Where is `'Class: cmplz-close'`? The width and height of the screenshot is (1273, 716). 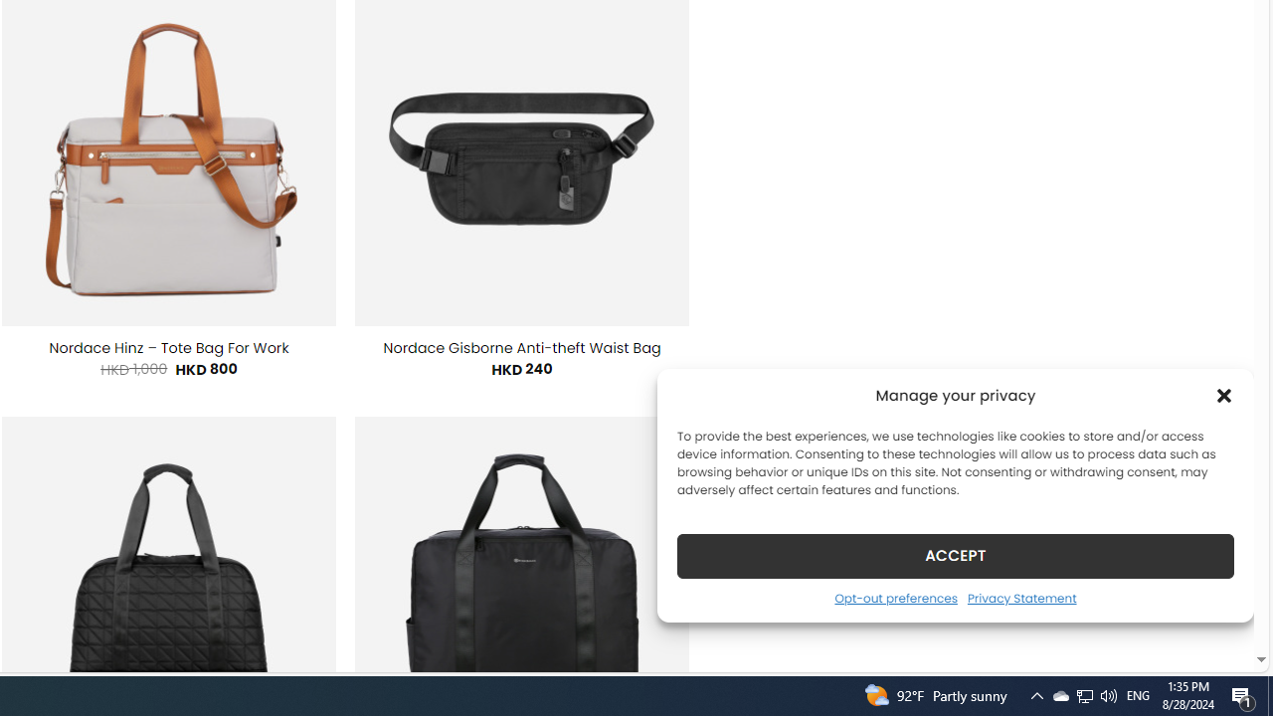
'Class: cmplz-close' is located at coordinates (1223, 395).